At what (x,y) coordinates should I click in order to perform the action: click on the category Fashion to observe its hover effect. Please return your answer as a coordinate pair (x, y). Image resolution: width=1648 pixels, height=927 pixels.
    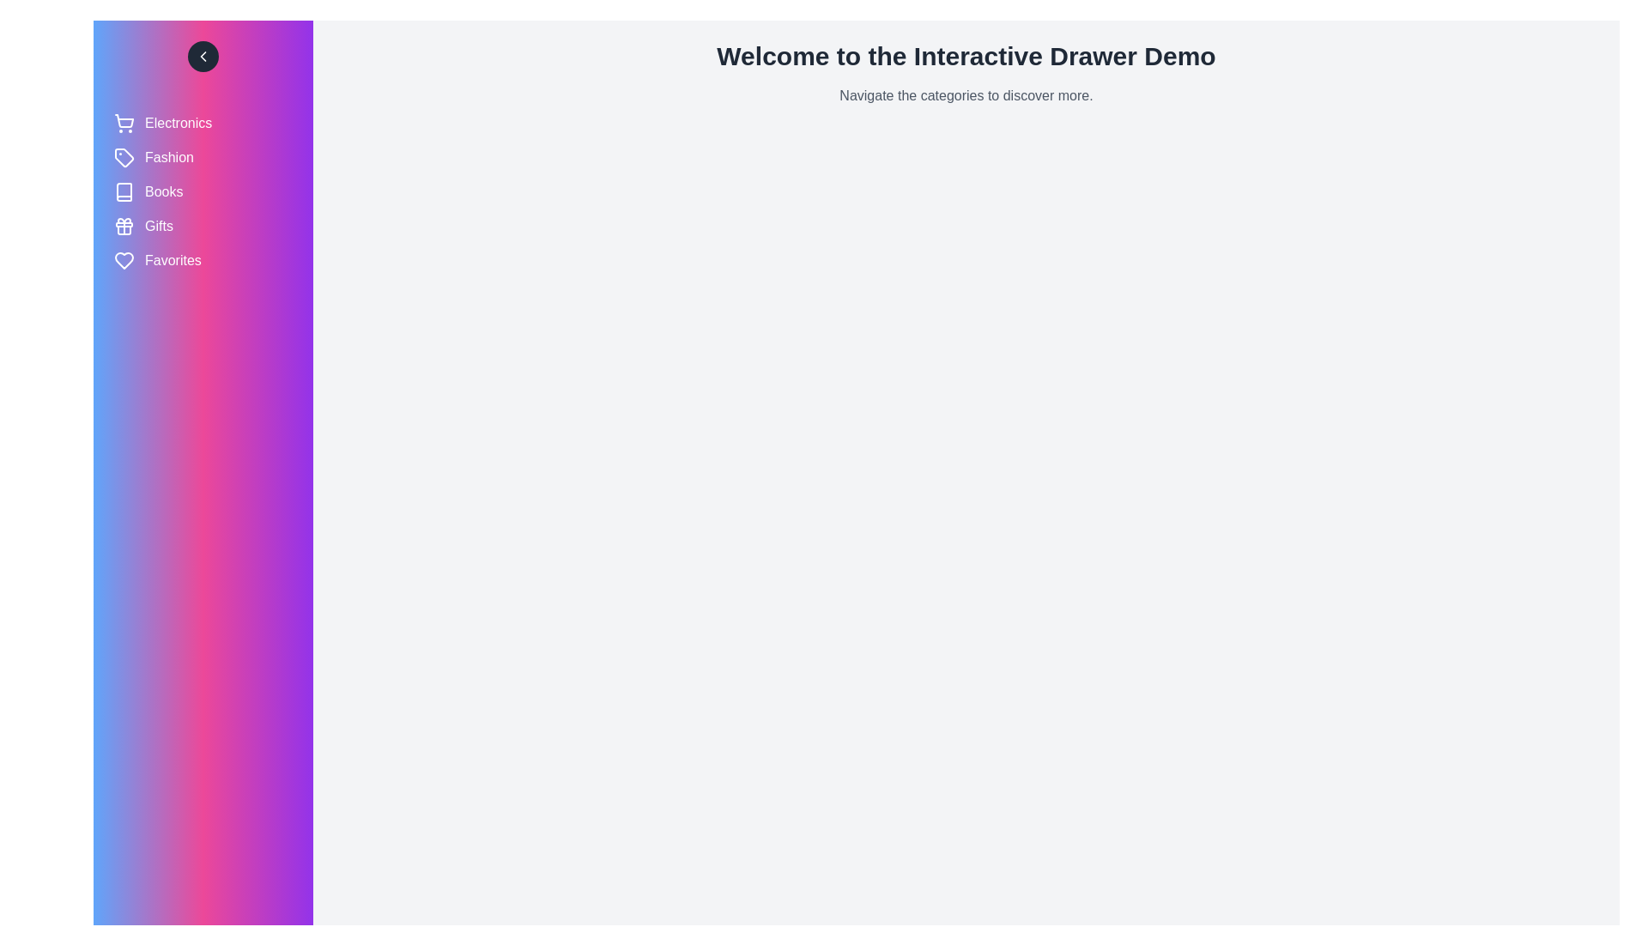
    Looking at the image, I should click on (203, 158).